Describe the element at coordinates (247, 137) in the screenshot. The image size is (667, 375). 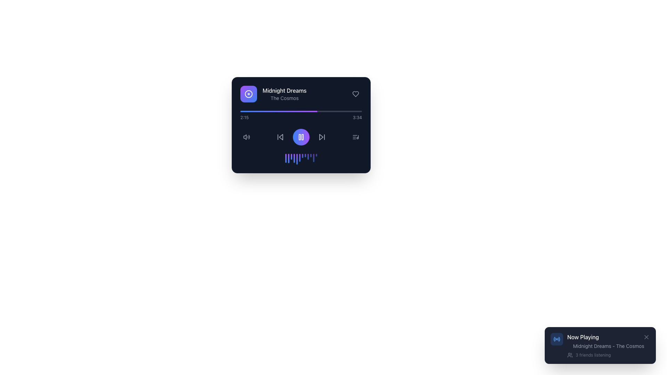
I see `the audio volume control icon in the media player` at that location.